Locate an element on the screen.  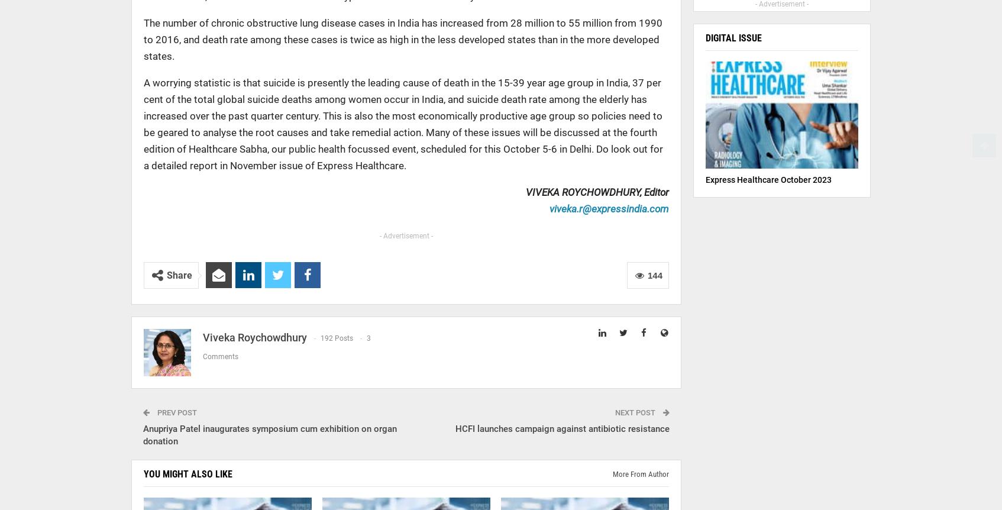
'More from author' is located at coordinates (640, 473).